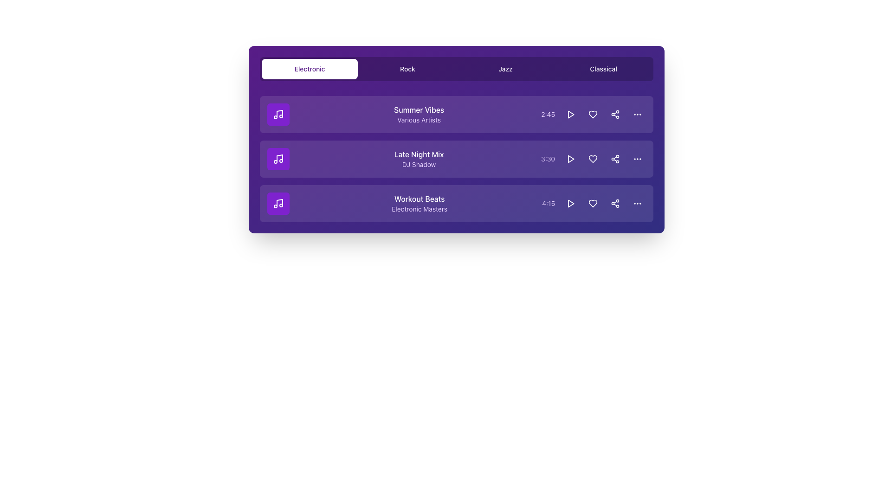 The image size is (891, 501). What do you see at coordinates (278, 114) in the screenshot?
I see `the music note icon, which is styled in white on a square purple background, located at the start of the first row of the music track list before the track title 'Summer Vibes'` at bounding box center [278, 114].